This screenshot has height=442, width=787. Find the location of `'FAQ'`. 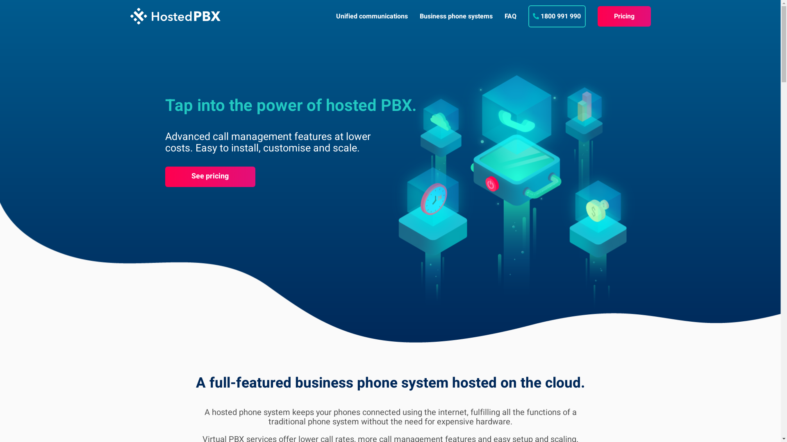

'FAQ' is located at coordinates (510, 16).